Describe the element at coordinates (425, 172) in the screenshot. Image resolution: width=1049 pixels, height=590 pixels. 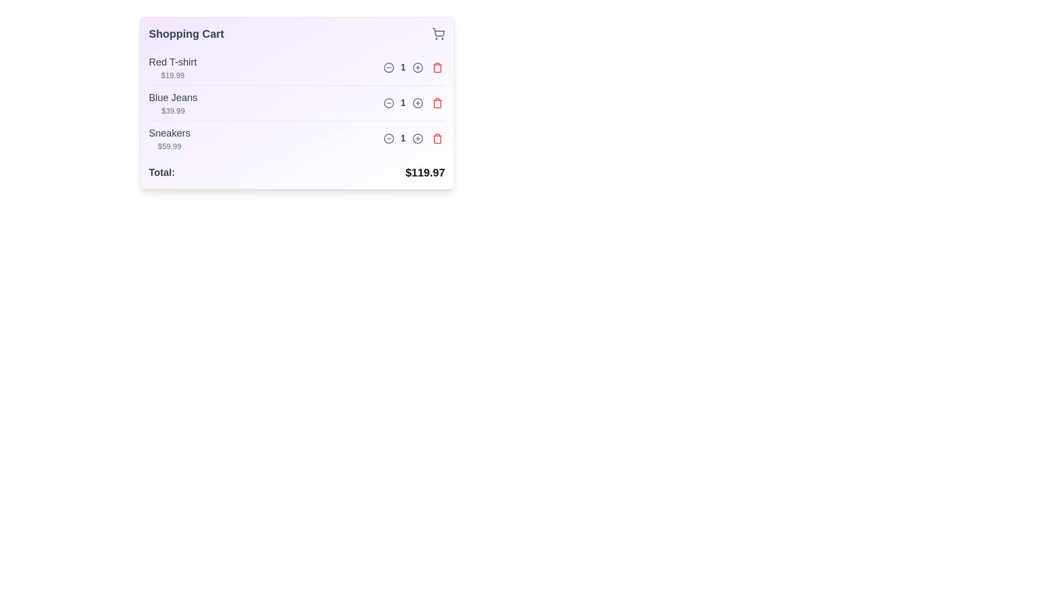
I see `the text label displaying the total cost of items in the shopping cart, which shows '$119.97' and is located at the bottom right of the shopping cart block` at that location.